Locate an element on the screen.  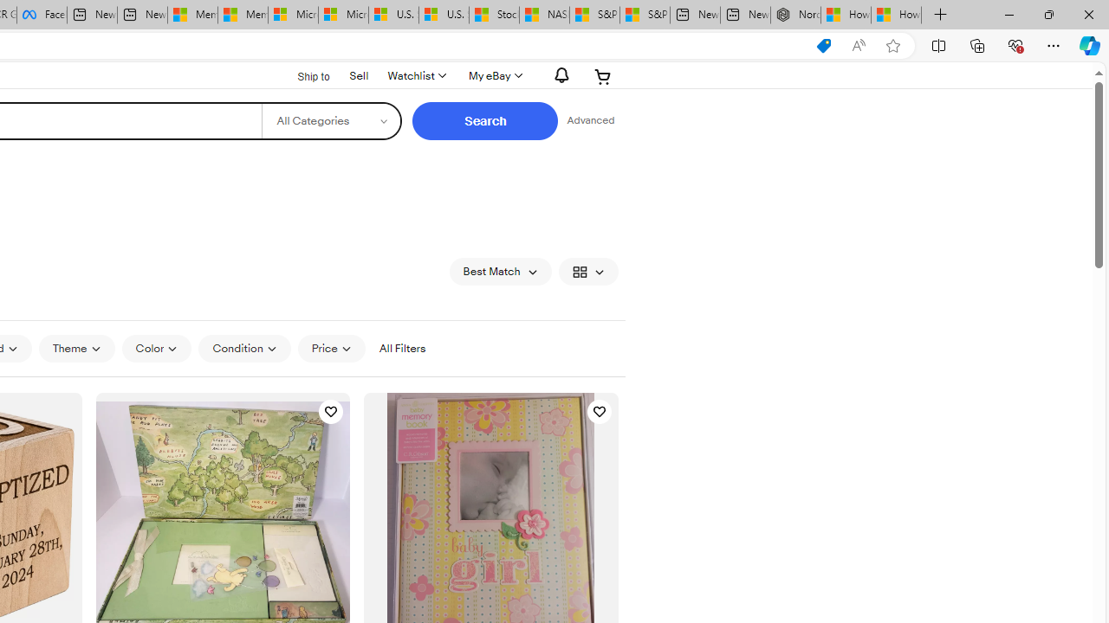
'Advanced Search' is located at coordinates (590, 120).